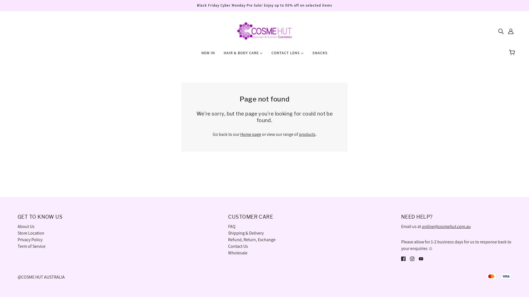 Image resolution: width=529 pixels, height=297 pixels. What do you see at coordinates (26, 226) in the screenshot?
I see `'About Us'` at bounding box center [26, 226].